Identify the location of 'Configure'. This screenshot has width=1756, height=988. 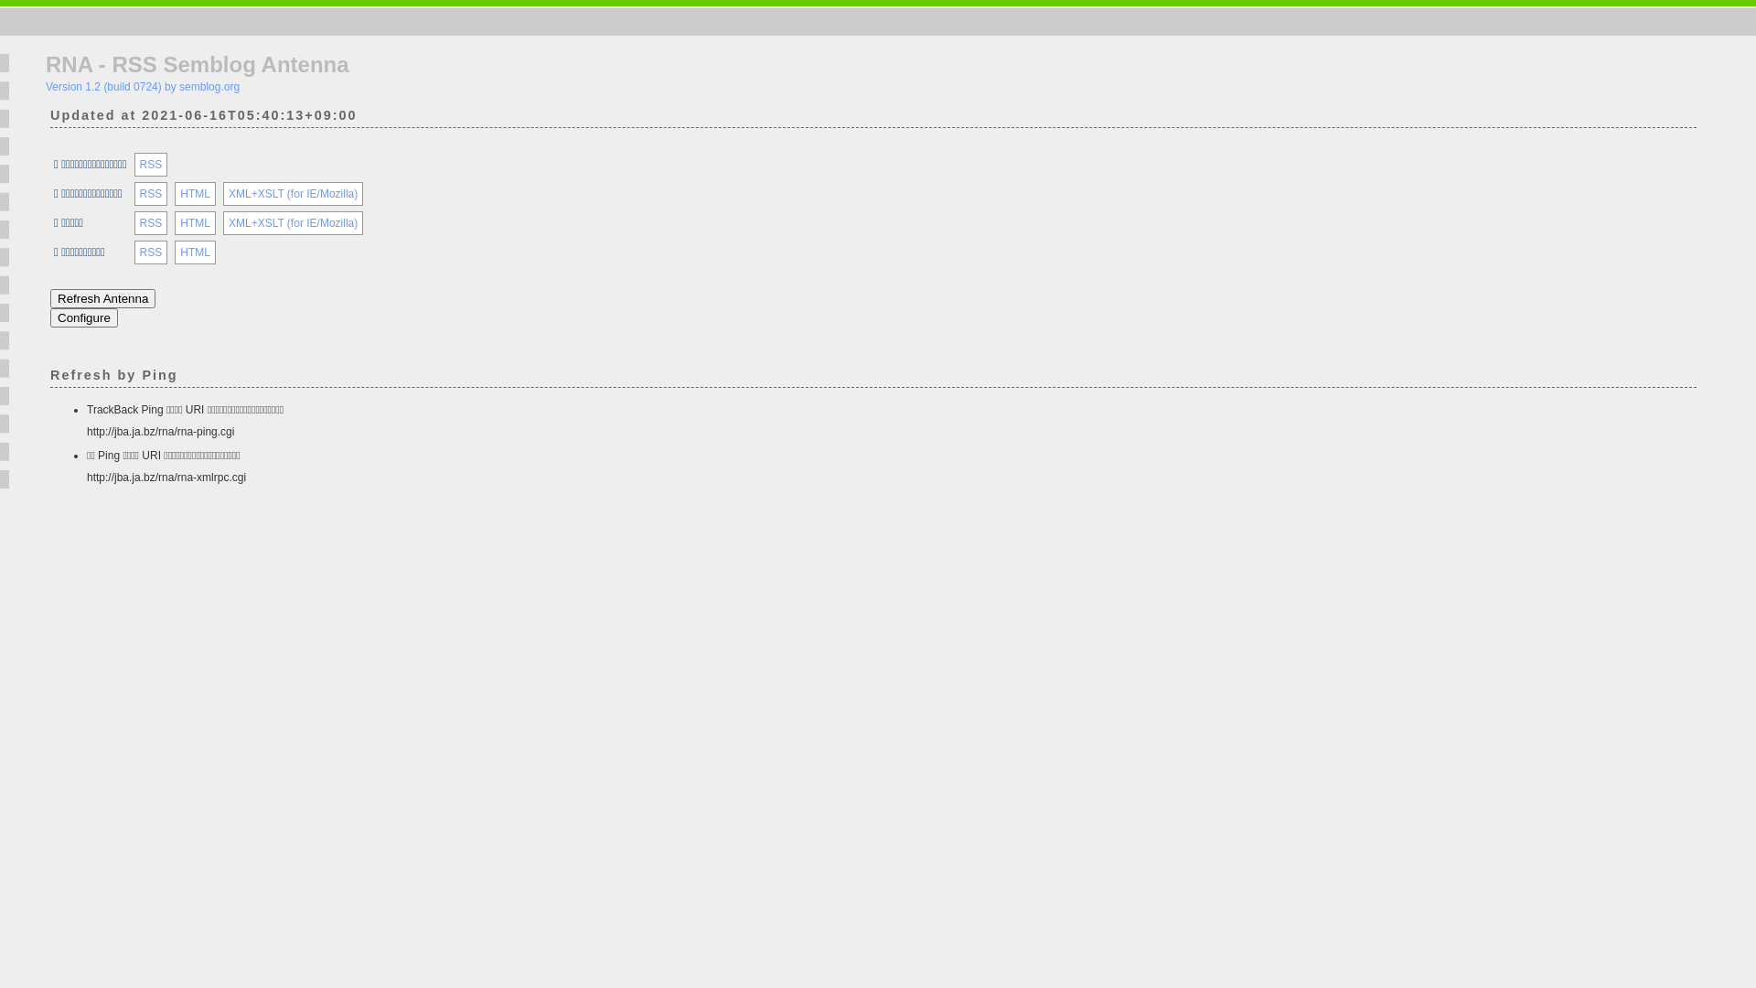
(82, 317).